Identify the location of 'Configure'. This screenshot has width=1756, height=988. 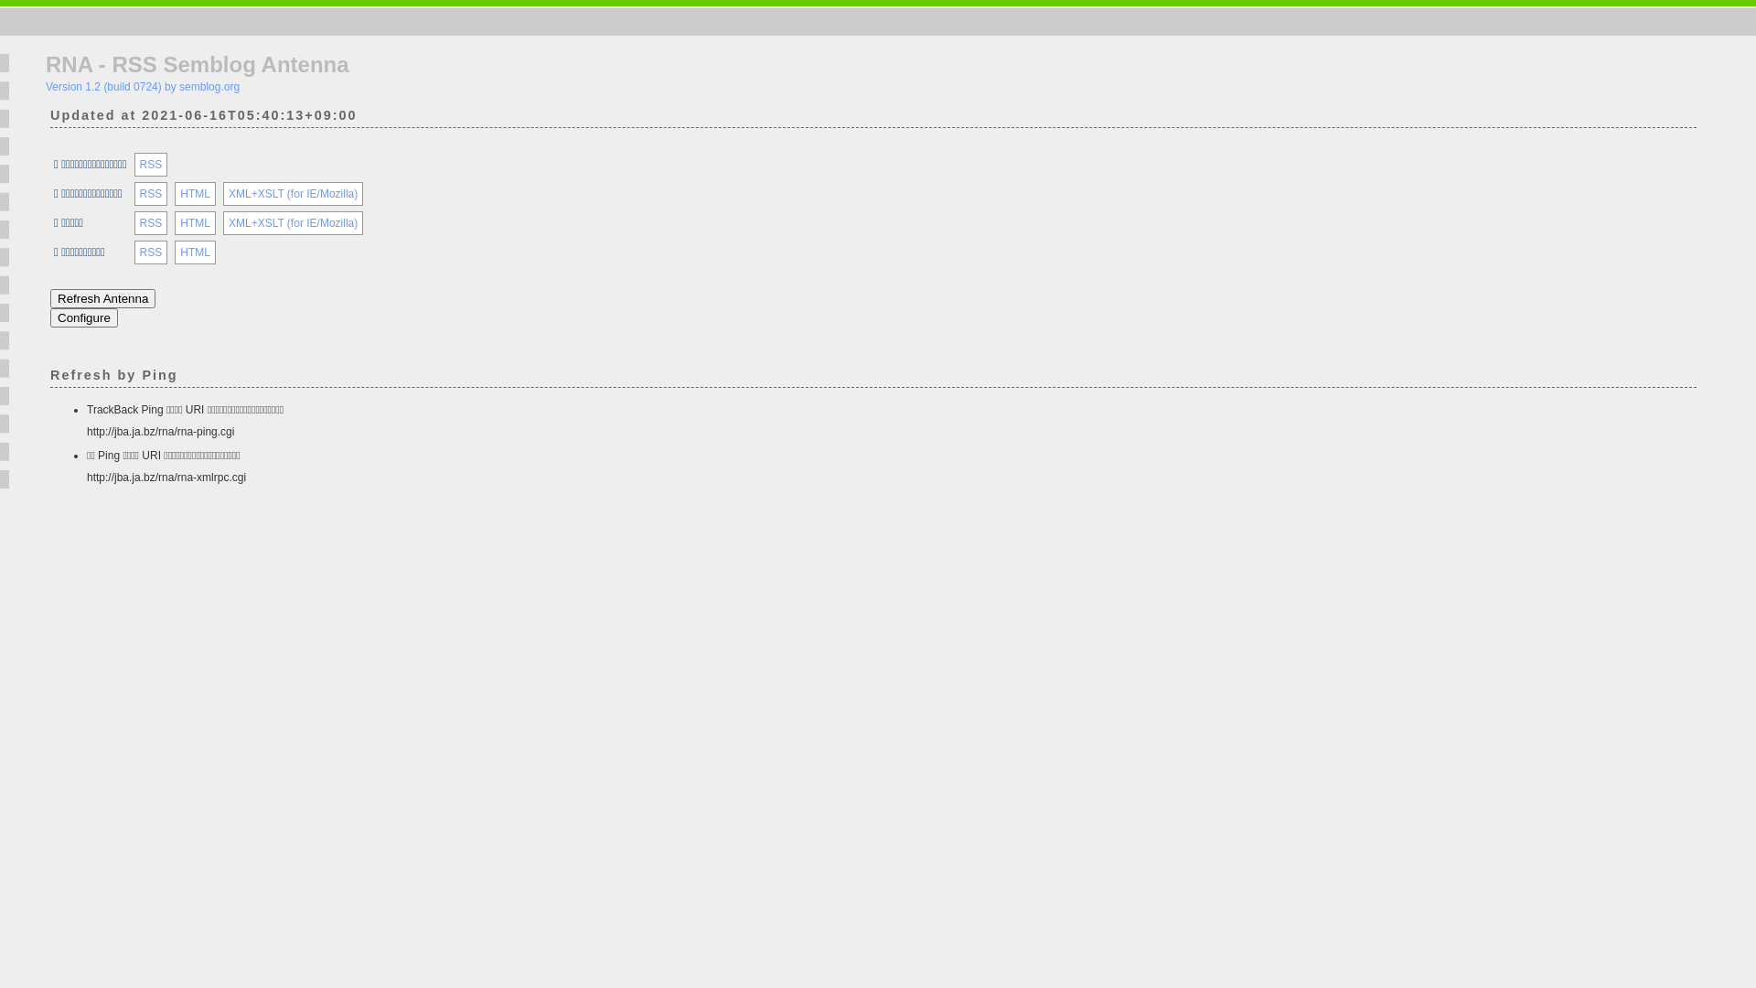
(82, 317).